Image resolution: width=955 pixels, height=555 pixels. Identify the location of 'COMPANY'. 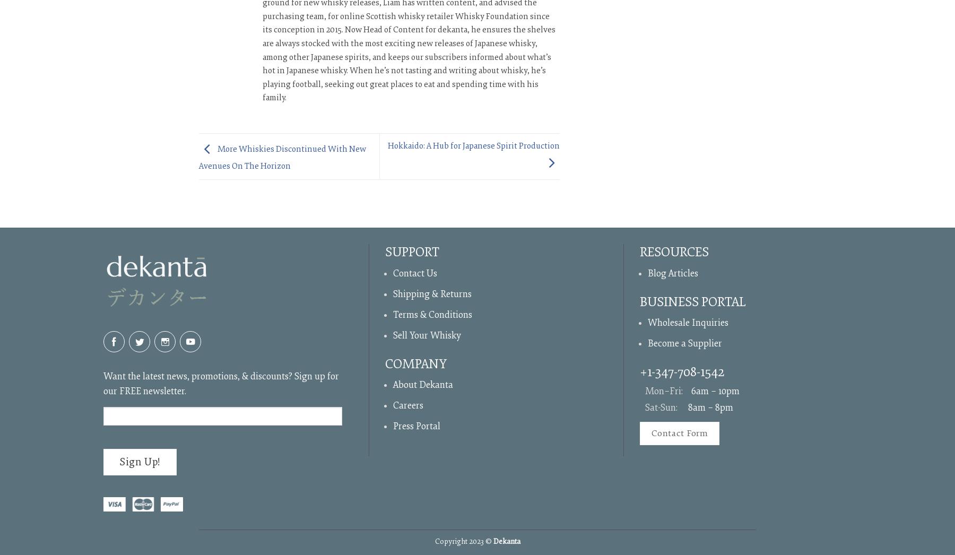
(415, 363).